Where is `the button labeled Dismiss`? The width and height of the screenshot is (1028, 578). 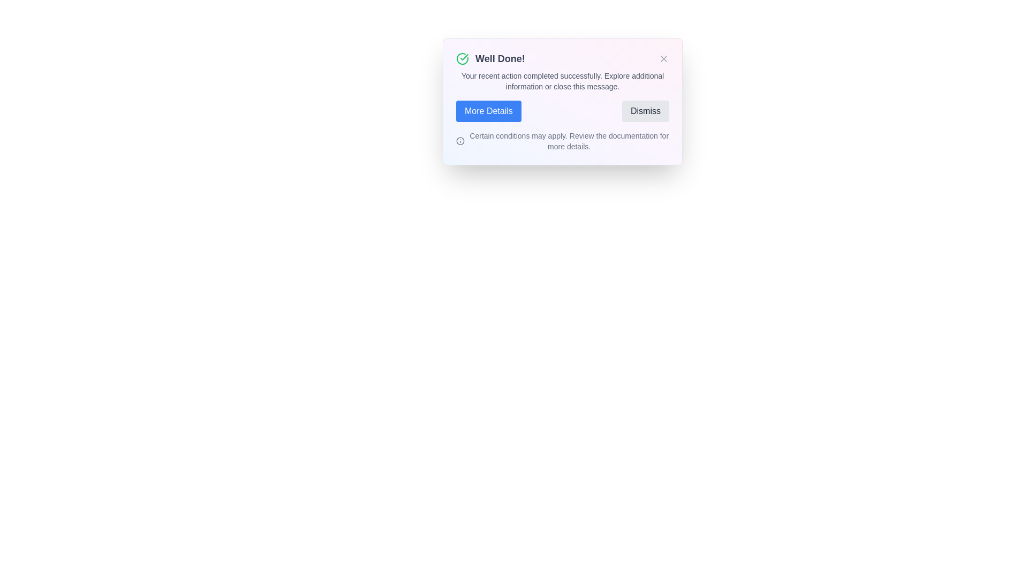 the button labeled Dismiss is located at coordinates (645, 111).